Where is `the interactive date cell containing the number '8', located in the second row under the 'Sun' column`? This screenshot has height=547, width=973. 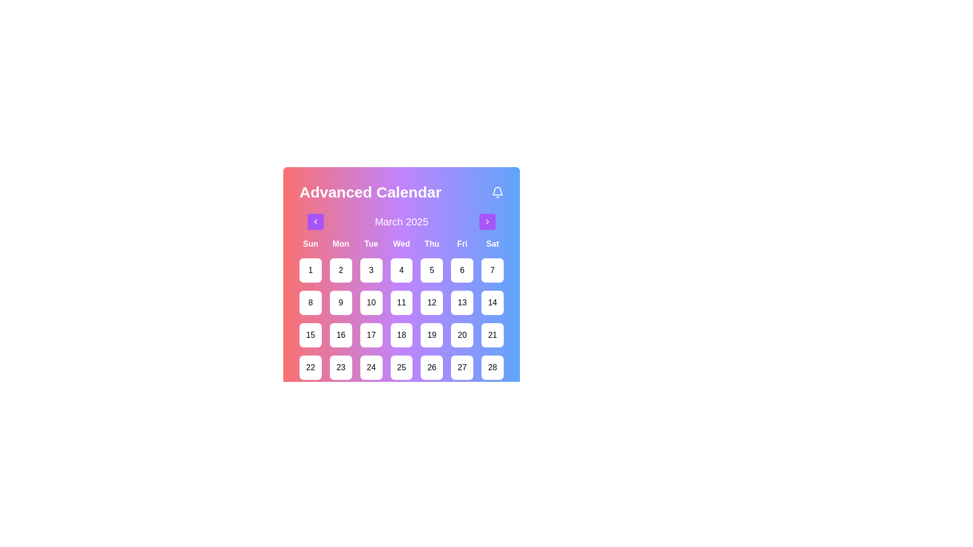
the interactive date cell containing the number '8', located in the second row under the 'Sun' column is located at coordinates (310, 302).